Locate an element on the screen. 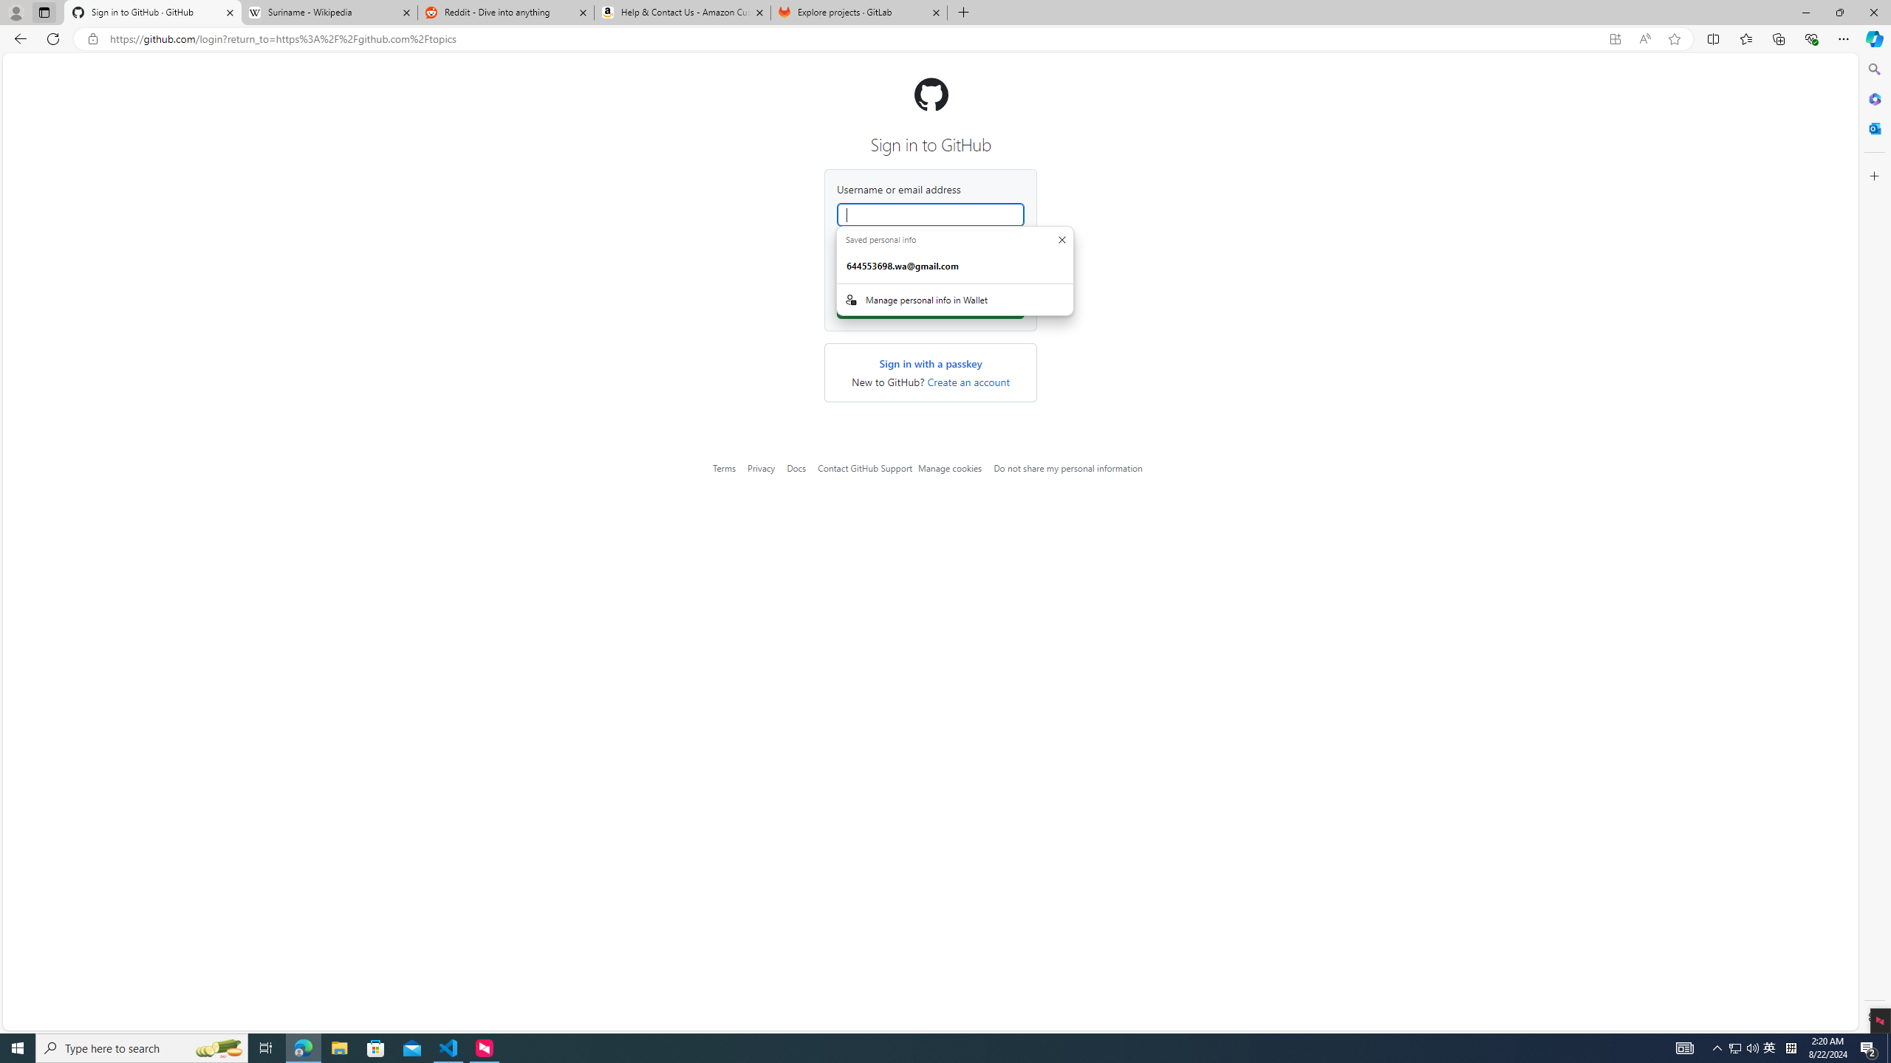  'Don' is located at coordinates (1061, 238).